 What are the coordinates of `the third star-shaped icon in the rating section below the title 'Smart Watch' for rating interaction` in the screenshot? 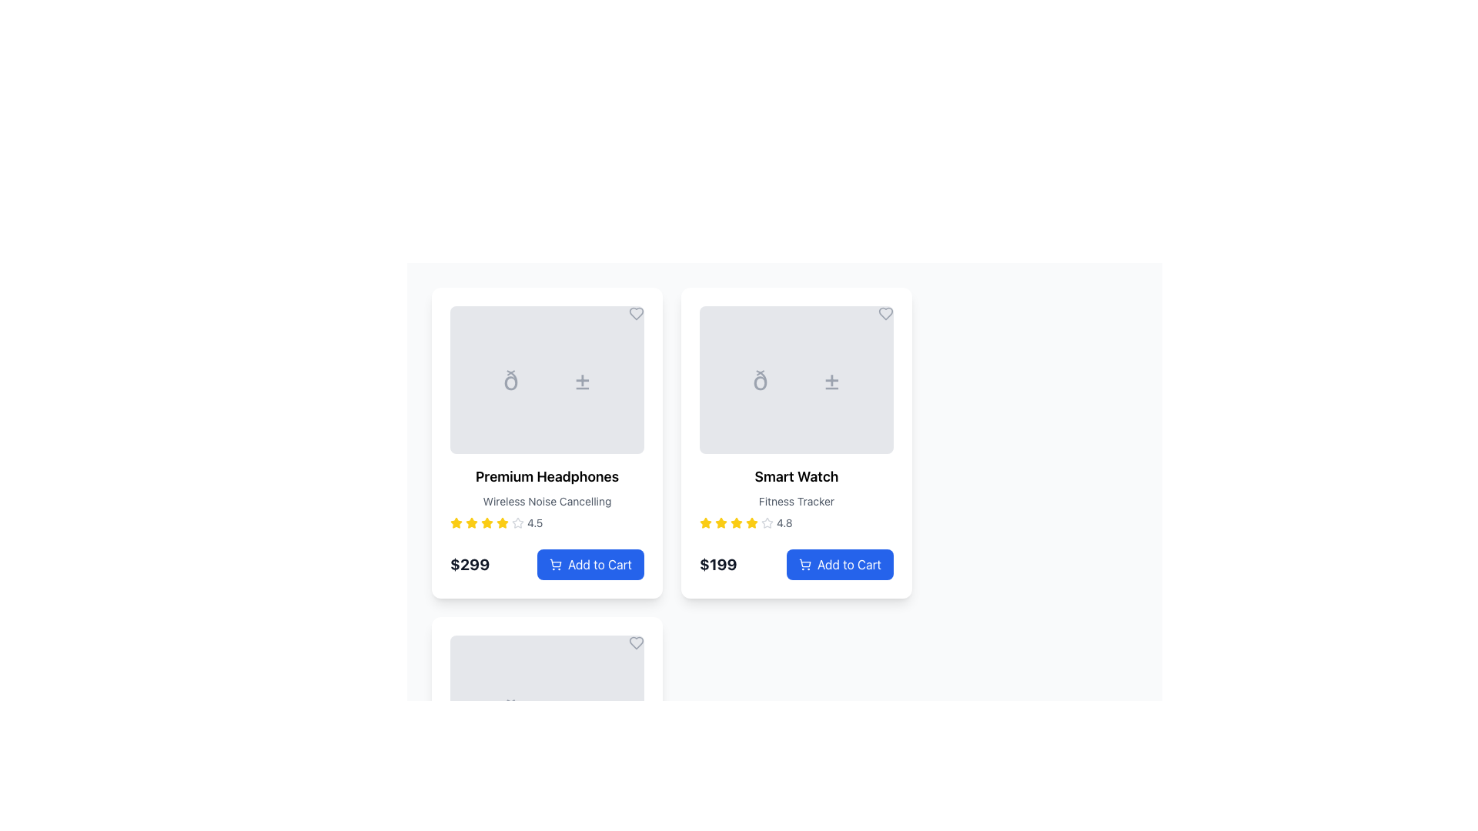 It's located at (735, 522).